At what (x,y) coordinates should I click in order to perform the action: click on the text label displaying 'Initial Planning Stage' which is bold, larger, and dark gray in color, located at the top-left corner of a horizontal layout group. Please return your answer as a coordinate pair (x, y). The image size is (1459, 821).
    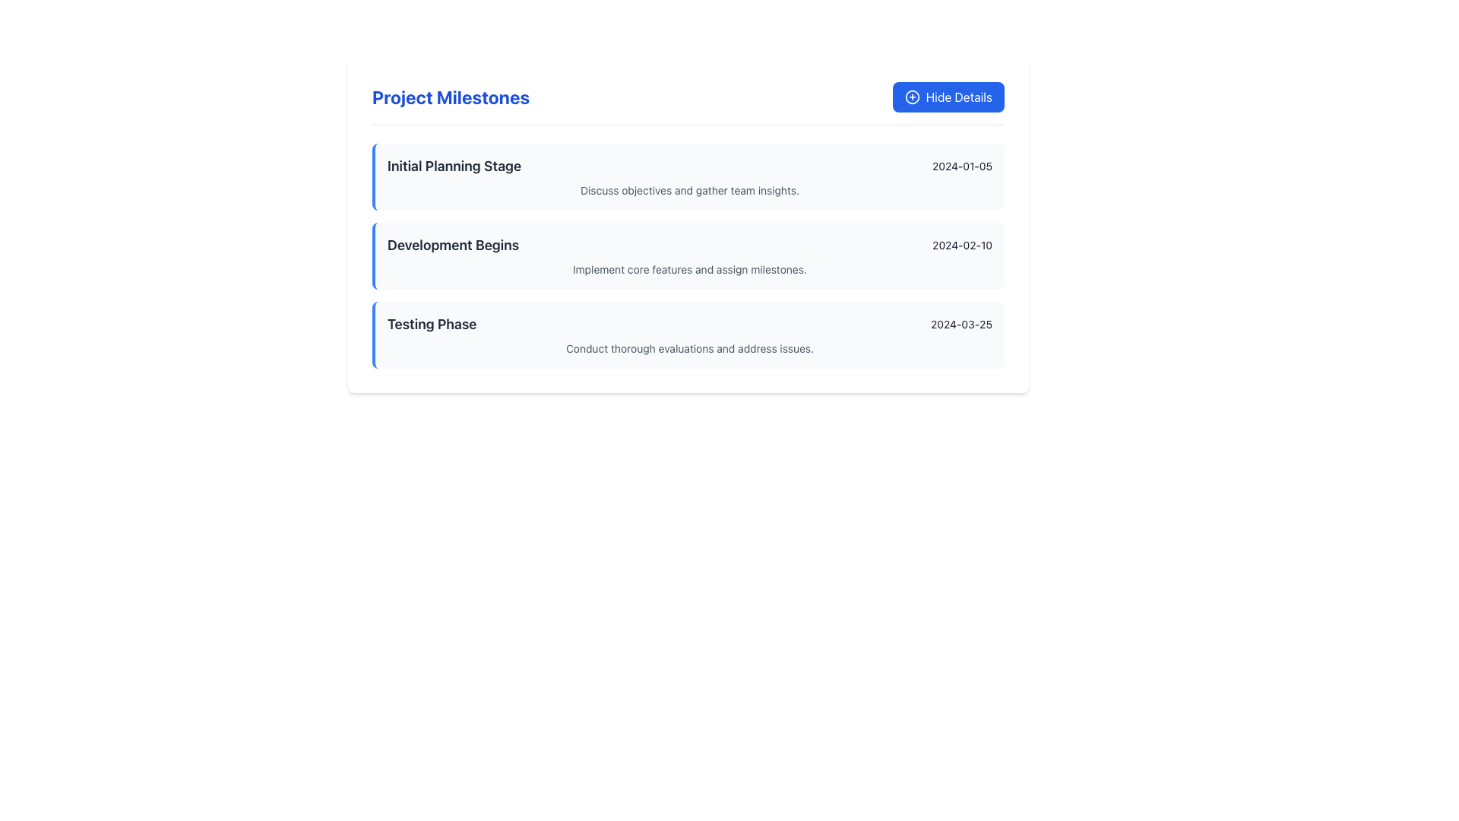
    Looking at the image, I should click on (454, 166).